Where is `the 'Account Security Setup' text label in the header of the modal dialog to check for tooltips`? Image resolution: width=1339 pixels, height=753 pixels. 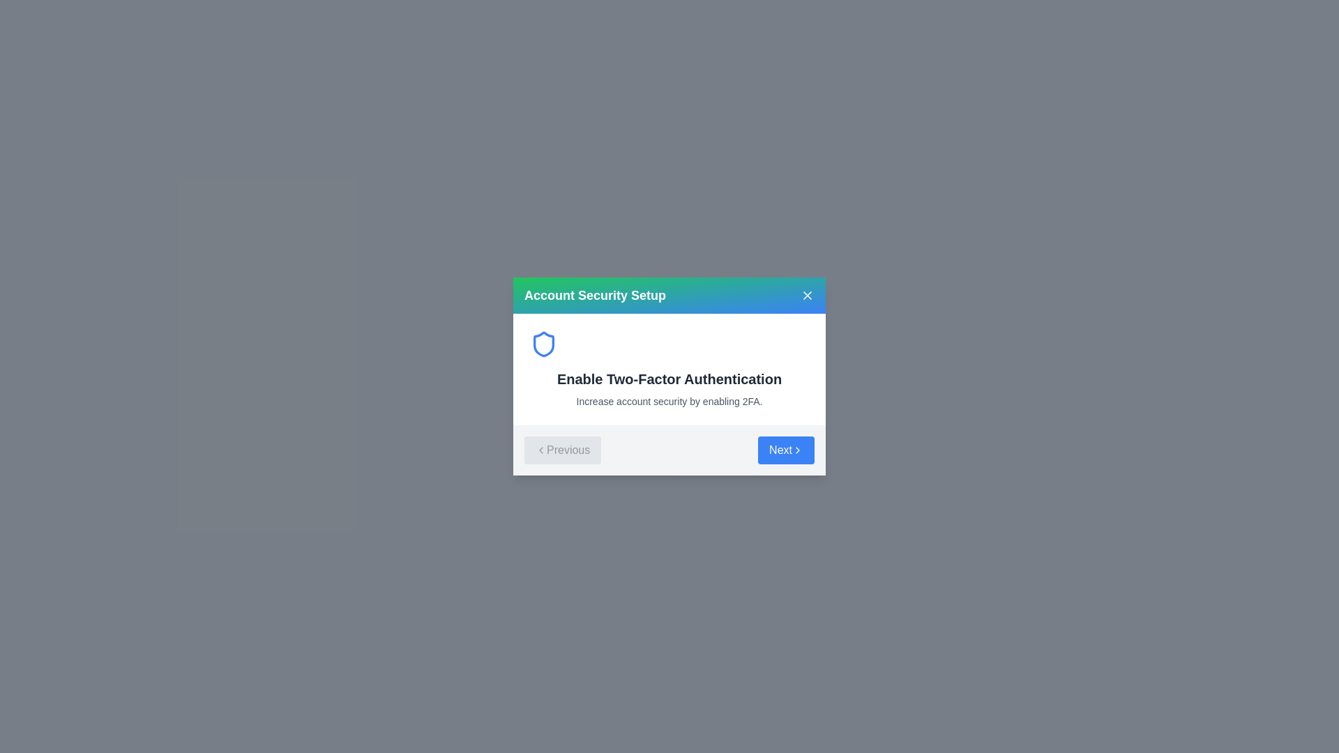
the 'Account Security Setup' text label in the header of the modal dialog to check for tooltips is located at coordinates (595, 295).